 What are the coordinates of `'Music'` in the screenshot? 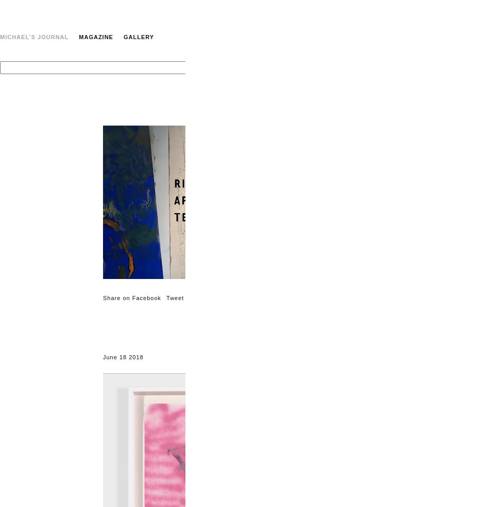 It's located at (470, 167).